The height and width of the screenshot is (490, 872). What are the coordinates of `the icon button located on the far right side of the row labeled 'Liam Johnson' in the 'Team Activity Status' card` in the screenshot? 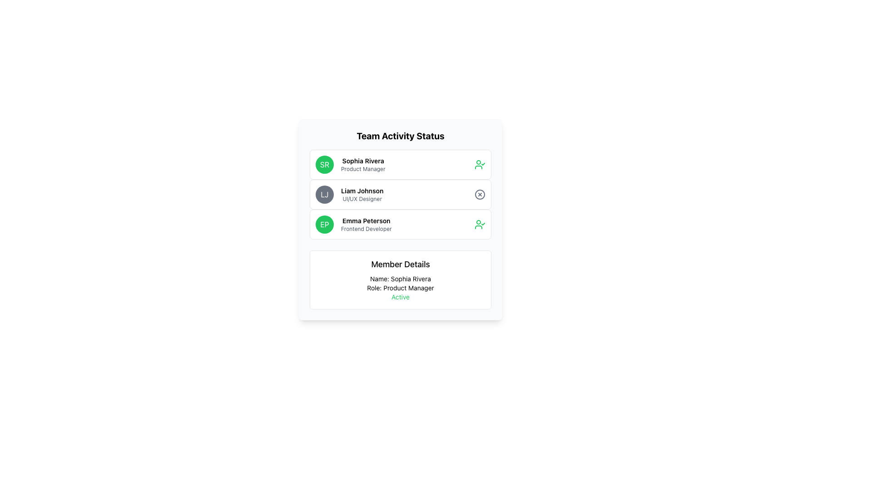 It's located at (479, 194).